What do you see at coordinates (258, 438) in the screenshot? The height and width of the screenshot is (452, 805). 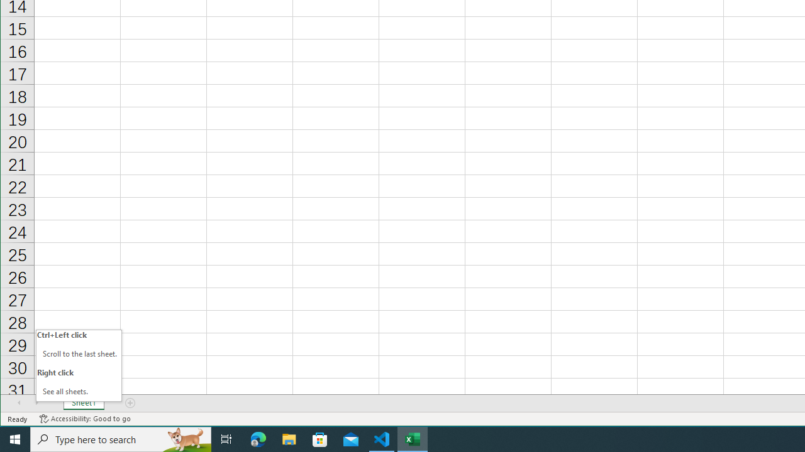 I see `'Microsoft Edge'` at bounding box center [258, 438].